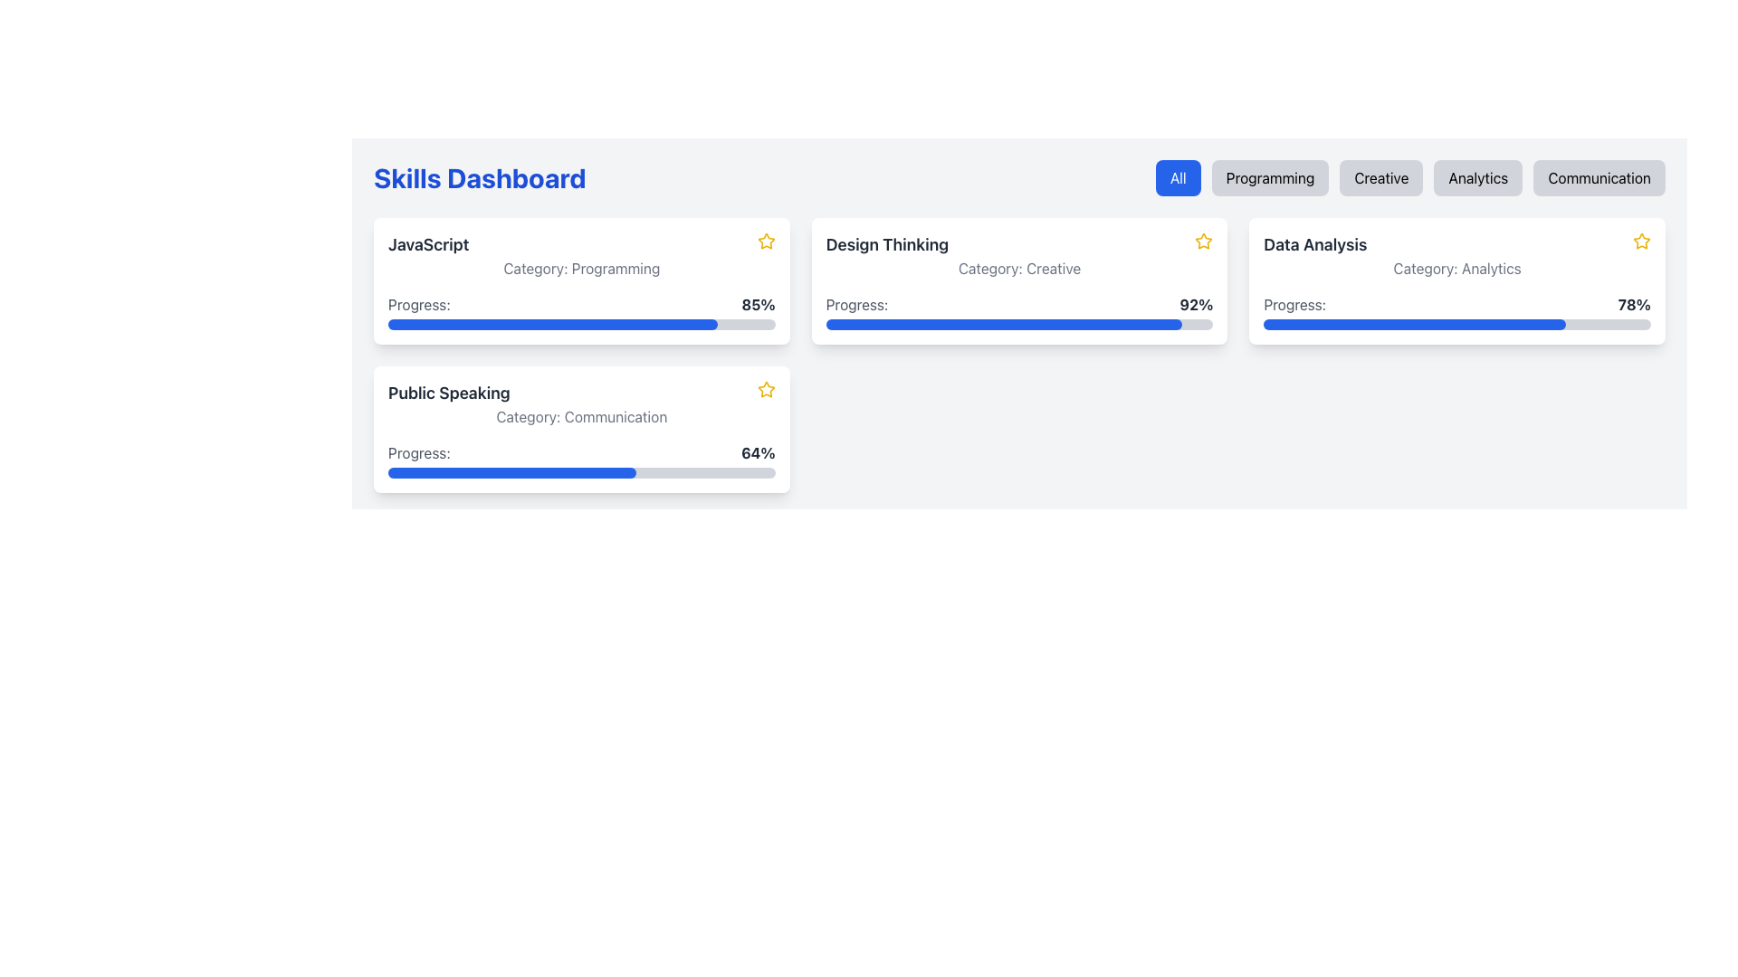  What do you see at coordinates (1409, 177) in the screenshot?
I see `the third button labeled 'Creative' in the Skills Dashboard section to possibly reveal additional styling changes` at bounding box center [1409, 177].